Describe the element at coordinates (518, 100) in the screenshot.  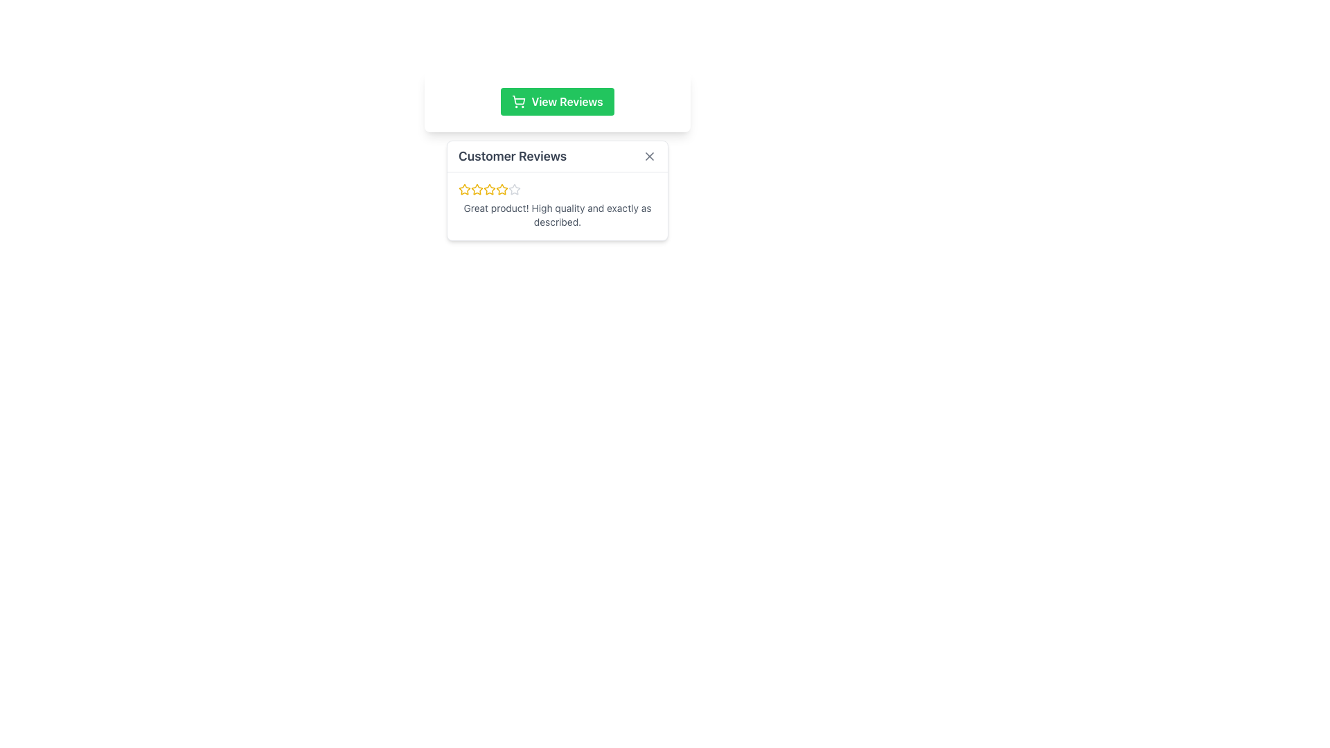
I see `the shopping cart icon, which is a white outline on a green circular background, located inside the 'View Reviews' button on the left side` at that location.